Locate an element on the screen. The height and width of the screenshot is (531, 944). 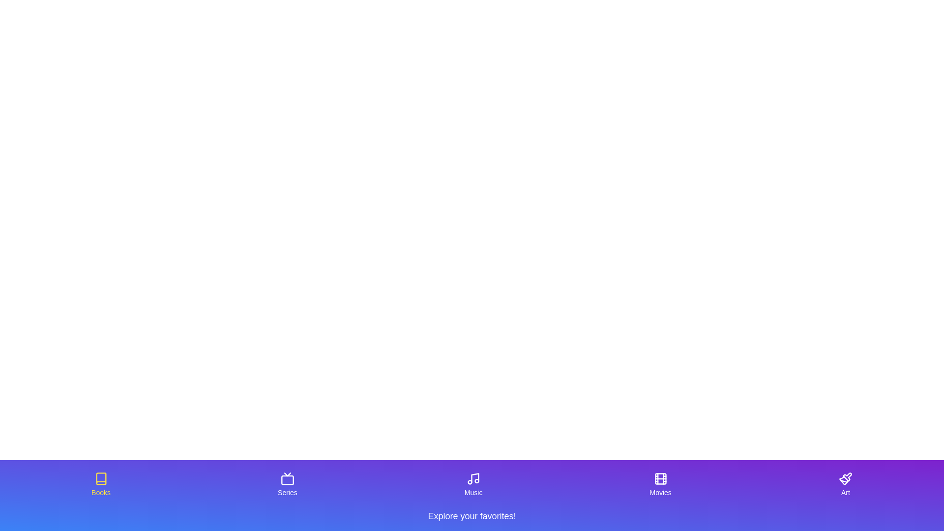
the tab labeled Art by clicking on its corresponding icon or label is located at coordinates (844, 484).